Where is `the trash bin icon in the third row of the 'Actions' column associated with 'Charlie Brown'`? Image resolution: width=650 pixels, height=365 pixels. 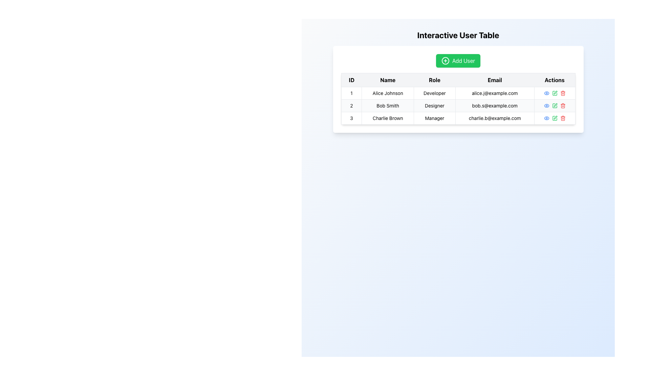 the trash bin icon in the third row of the 'Actions' column associated with 'Charlie Brown' is located at coordinates (563, 118).